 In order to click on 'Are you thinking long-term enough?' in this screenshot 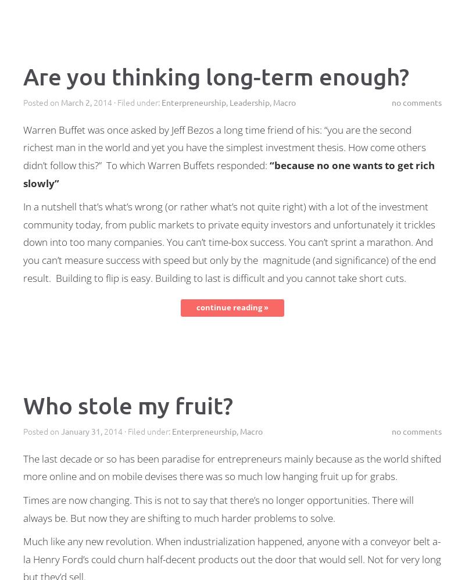, I will do `click(23, 76)`.